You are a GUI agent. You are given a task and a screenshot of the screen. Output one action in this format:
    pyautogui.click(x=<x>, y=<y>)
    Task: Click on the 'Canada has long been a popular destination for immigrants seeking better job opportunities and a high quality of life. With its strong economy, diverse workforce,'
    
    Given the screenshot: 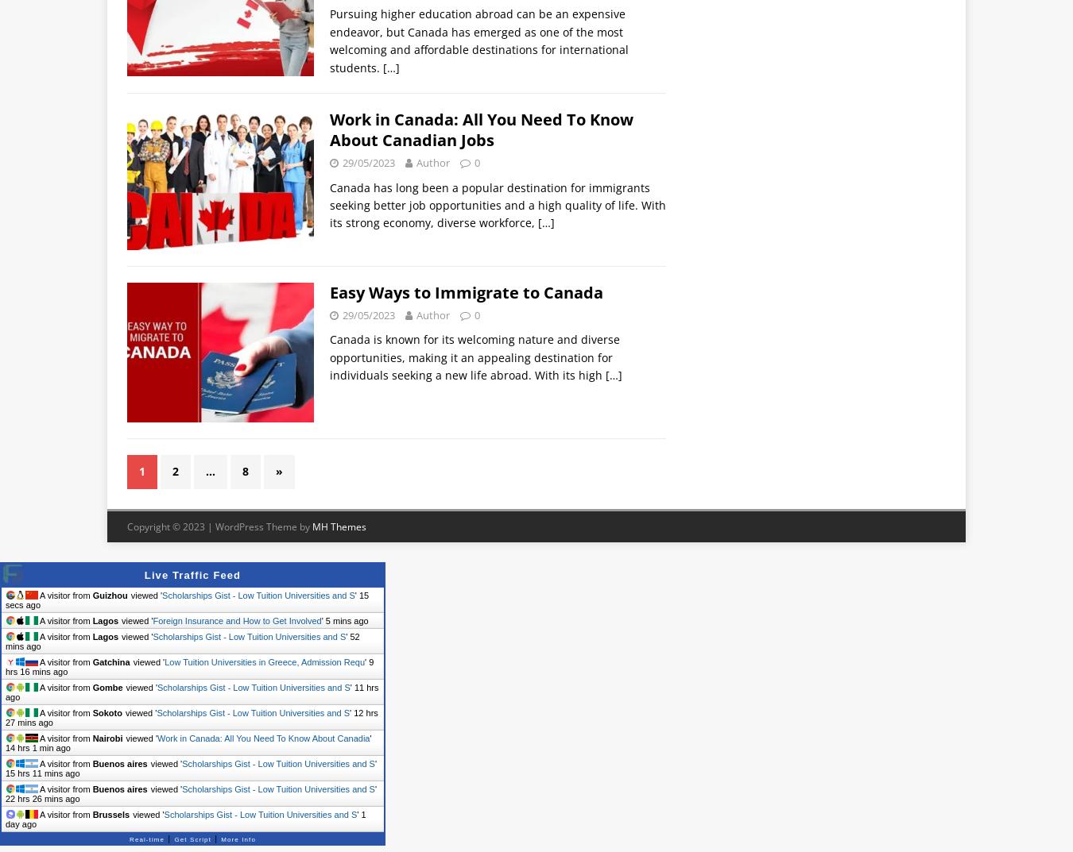 What is the action you would take?
    pyautogui.click(x=498, y=203)
    